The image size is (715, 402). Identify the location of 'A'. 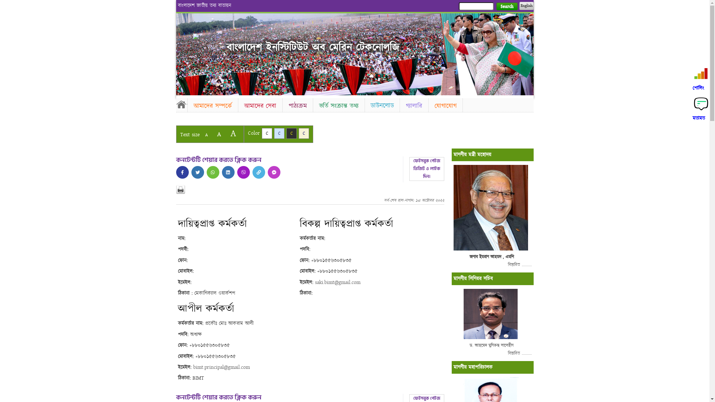
(201, 135).